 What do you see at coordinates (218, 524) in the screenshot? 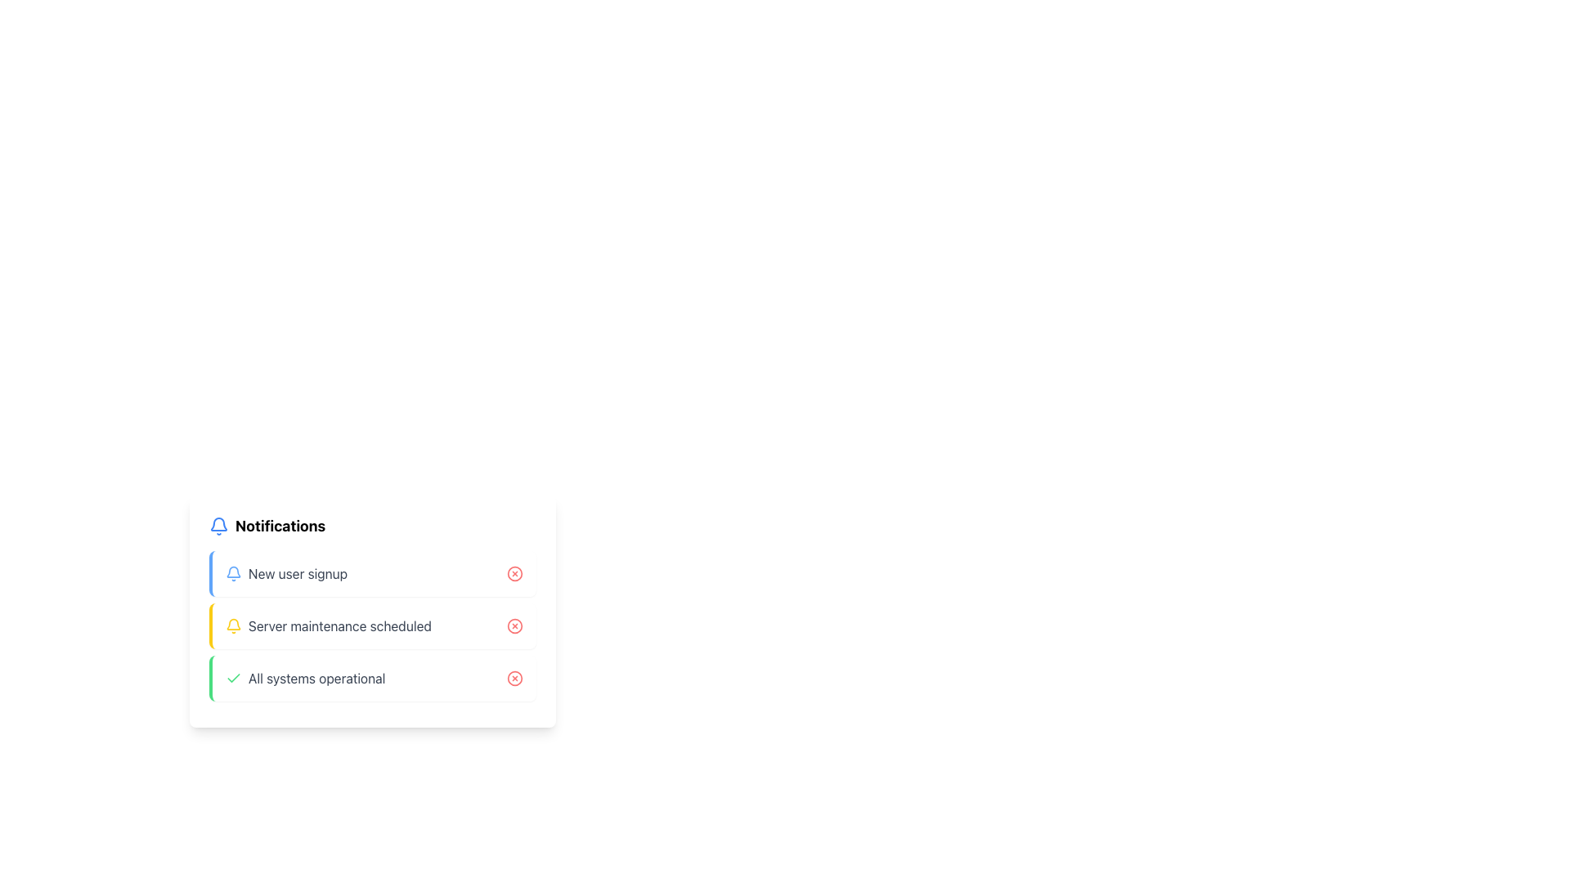
I see `the lower curve of the bell icon, which is styled with a blue outline and is located to the left of the title 'Notifications'` at bounding box center [218, 524].